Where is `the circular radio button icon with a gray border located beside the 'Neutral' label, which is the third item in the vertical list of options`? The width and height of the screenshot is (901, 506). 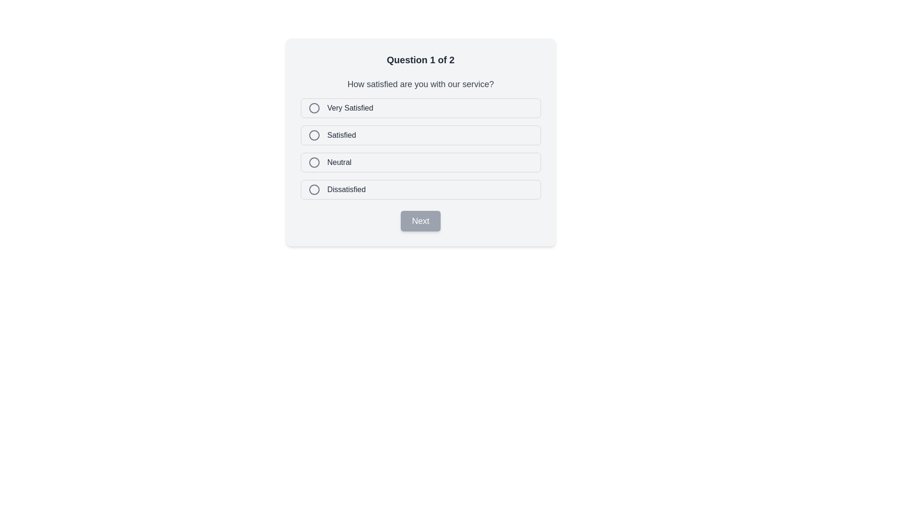
the circular radio button icon with a gray border located beside the 'Neutral' label, which is the third item in the vertical list of options is located at coordinates (314, 162).